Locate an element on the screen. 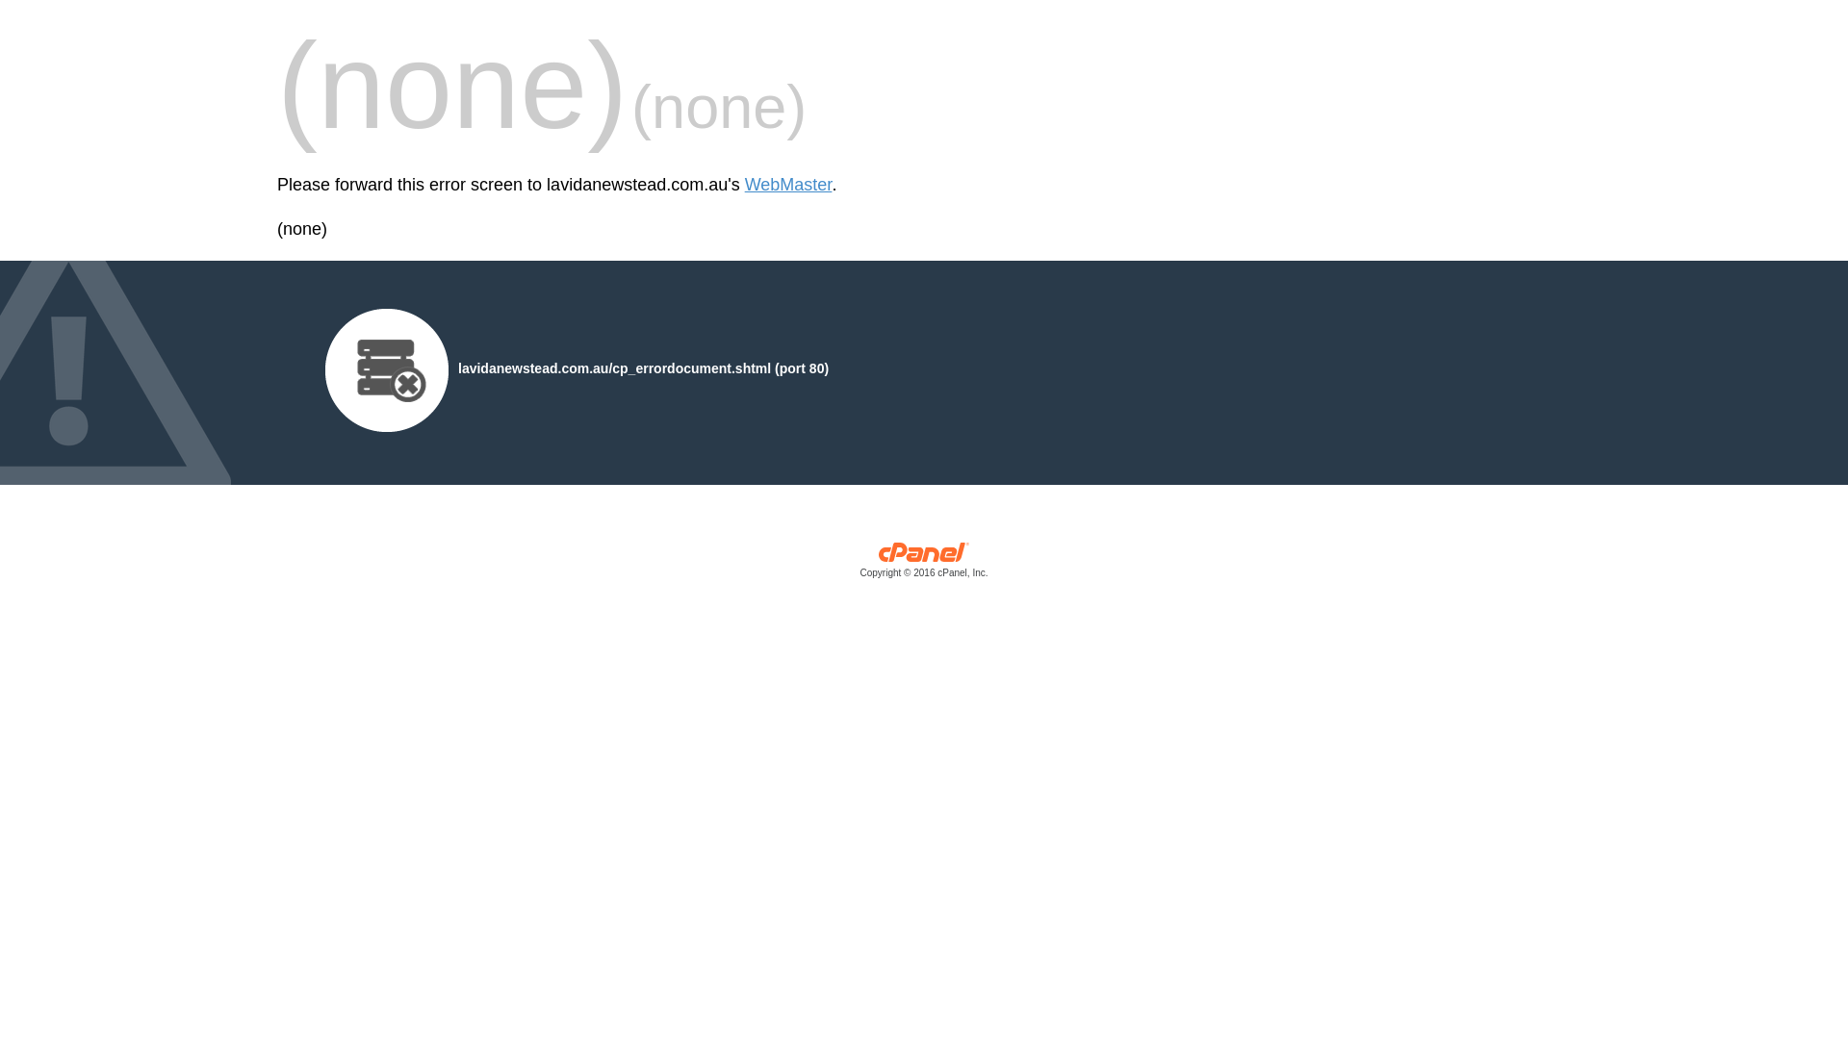 The width and height of the screenshot is (1848, 1039). 'WebMaster' is located at coordinates (788, 185).